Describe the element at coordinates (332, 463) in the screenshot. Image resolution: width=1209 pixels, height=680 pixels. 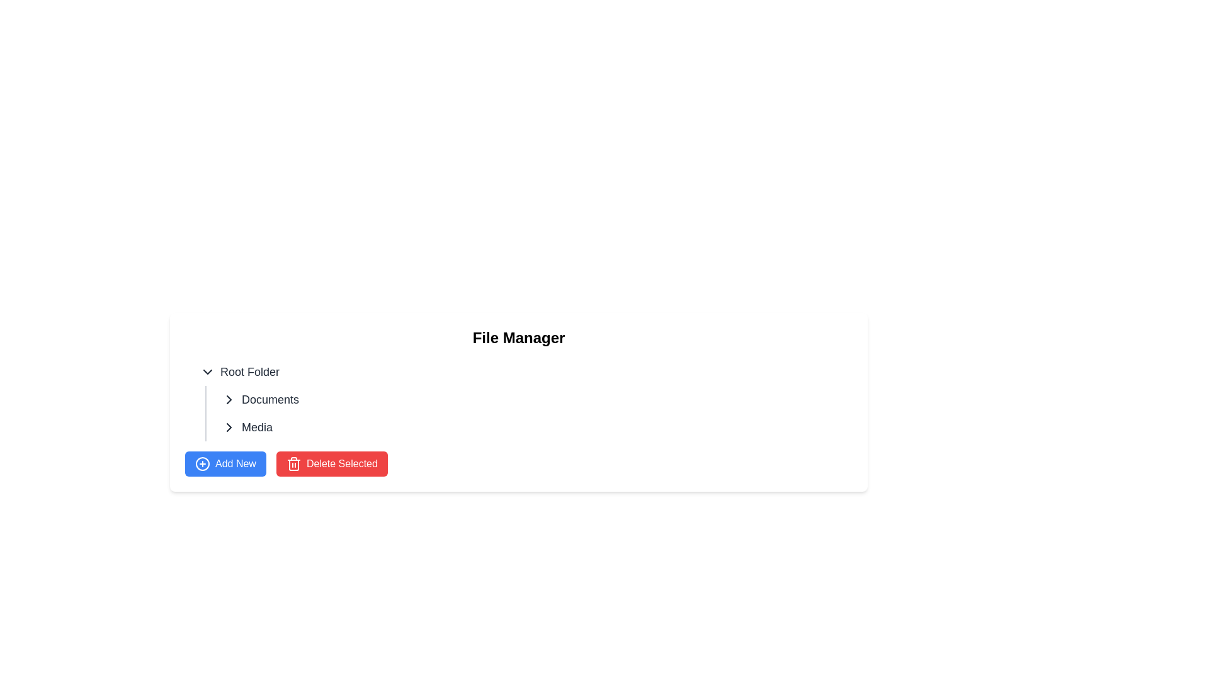
I see `the delete button` at that location.